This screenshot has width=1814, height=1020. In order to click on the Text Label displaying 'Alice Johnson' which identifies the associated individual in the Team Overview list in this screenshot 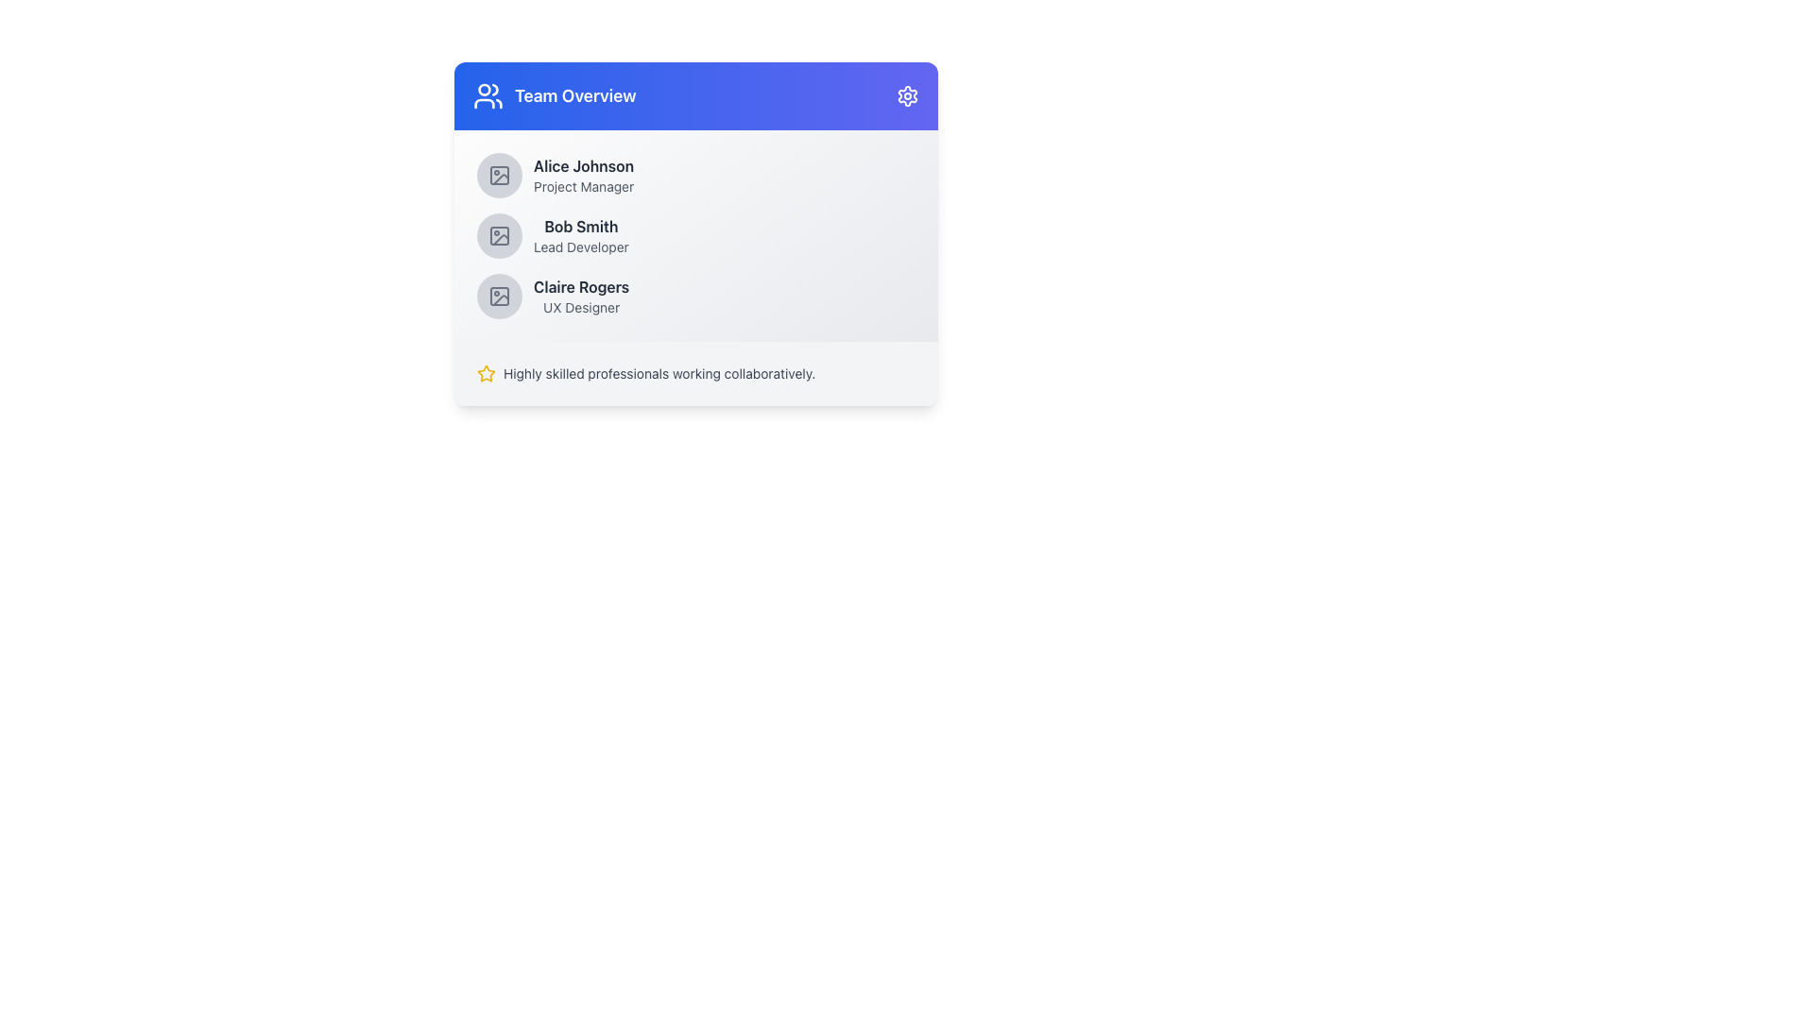, I will do `click(583, 165)`.